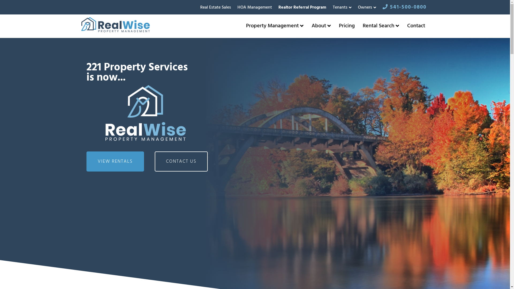 The height and width of the screenshot is (289, 514). I want to click on 'Rental Search', so click(380, 26).